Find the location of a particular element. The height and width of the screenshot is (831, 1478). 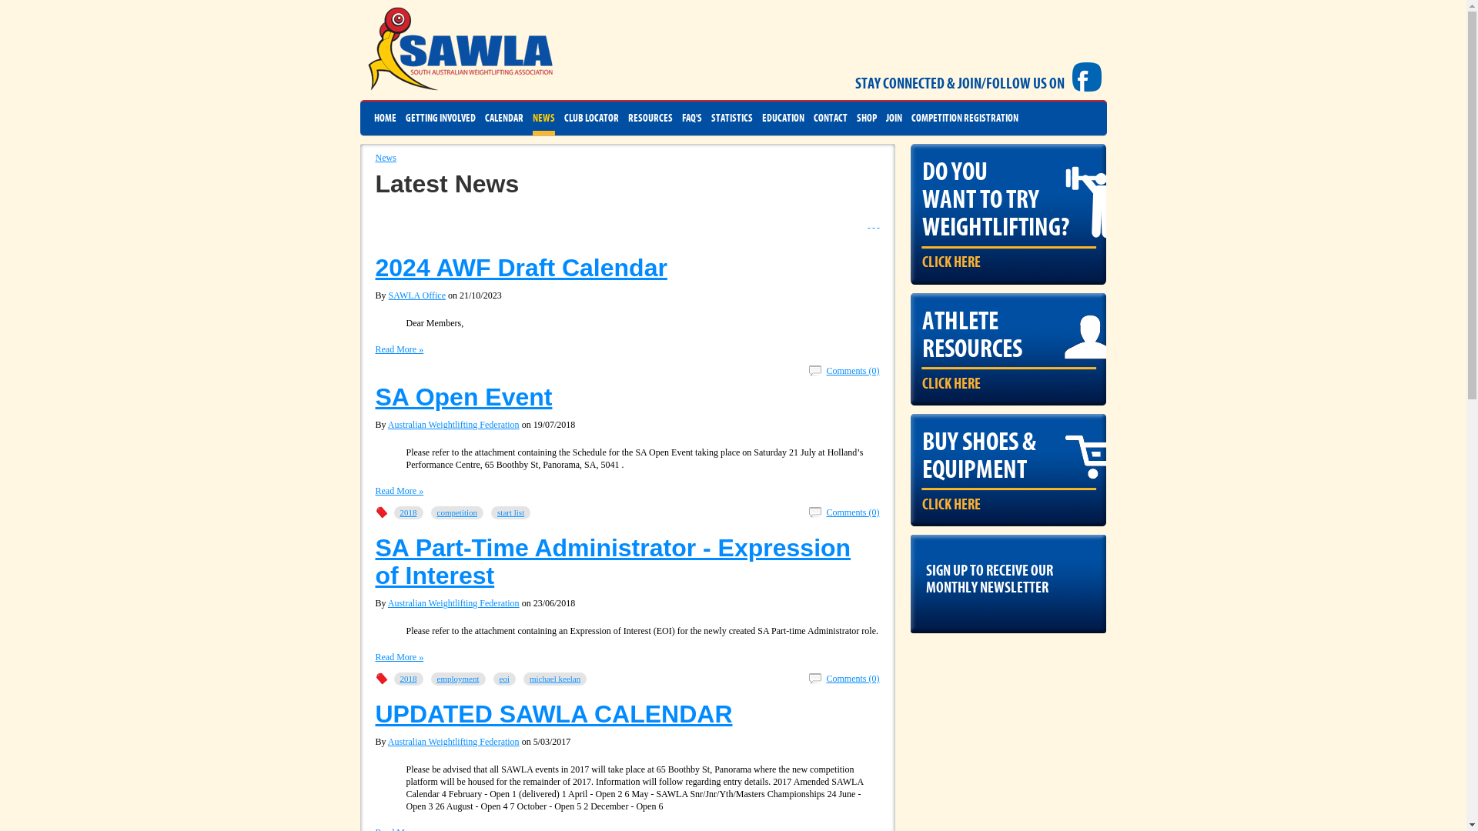

'NEWS' is located at coordinates (532, 118).